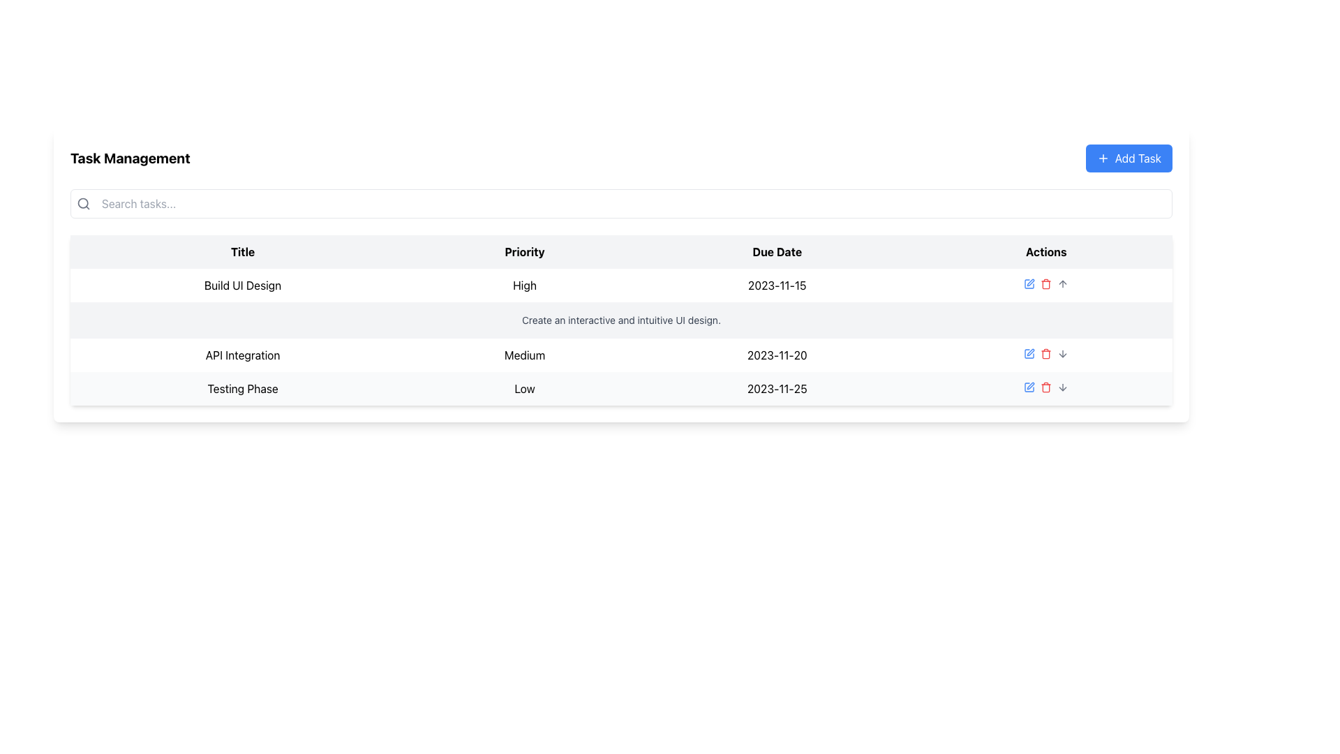  I want to click on the static text element displaying the due date '2023-11-20' for the 'API Integration' task located in the third cell of a table row, so click(776, 355).